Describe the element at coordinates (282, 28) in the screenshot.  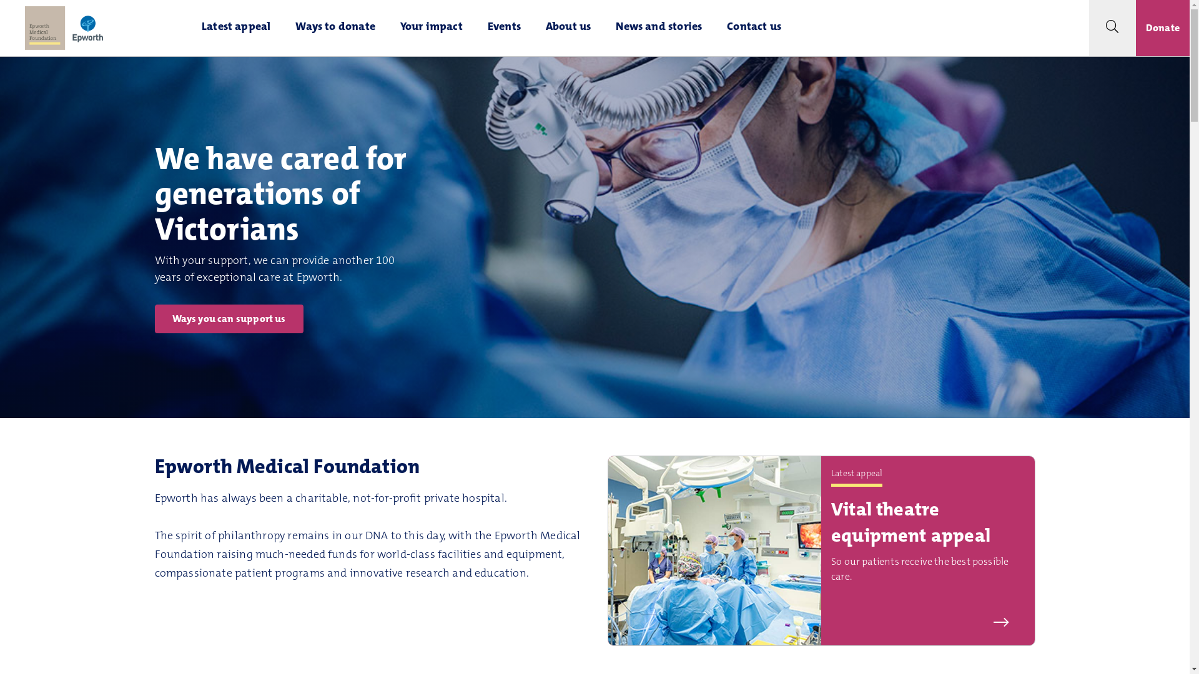
I see `'Ways to donate'` at that location.